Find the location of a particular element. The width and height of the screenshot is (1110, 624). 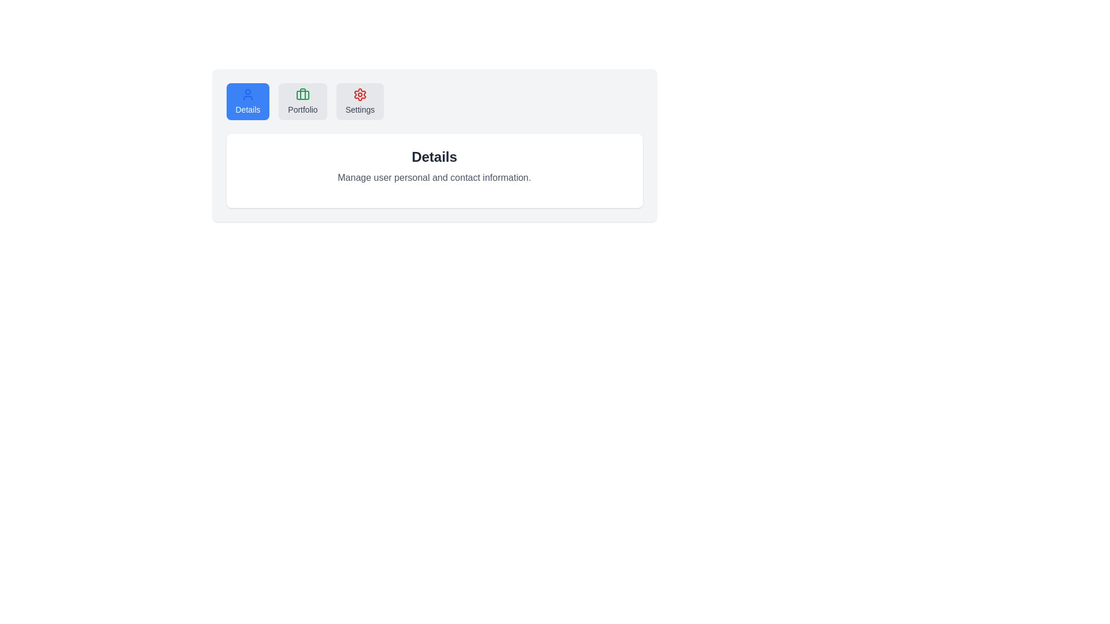

the currently active 'Details' tab is located at coordinates (247, 101).